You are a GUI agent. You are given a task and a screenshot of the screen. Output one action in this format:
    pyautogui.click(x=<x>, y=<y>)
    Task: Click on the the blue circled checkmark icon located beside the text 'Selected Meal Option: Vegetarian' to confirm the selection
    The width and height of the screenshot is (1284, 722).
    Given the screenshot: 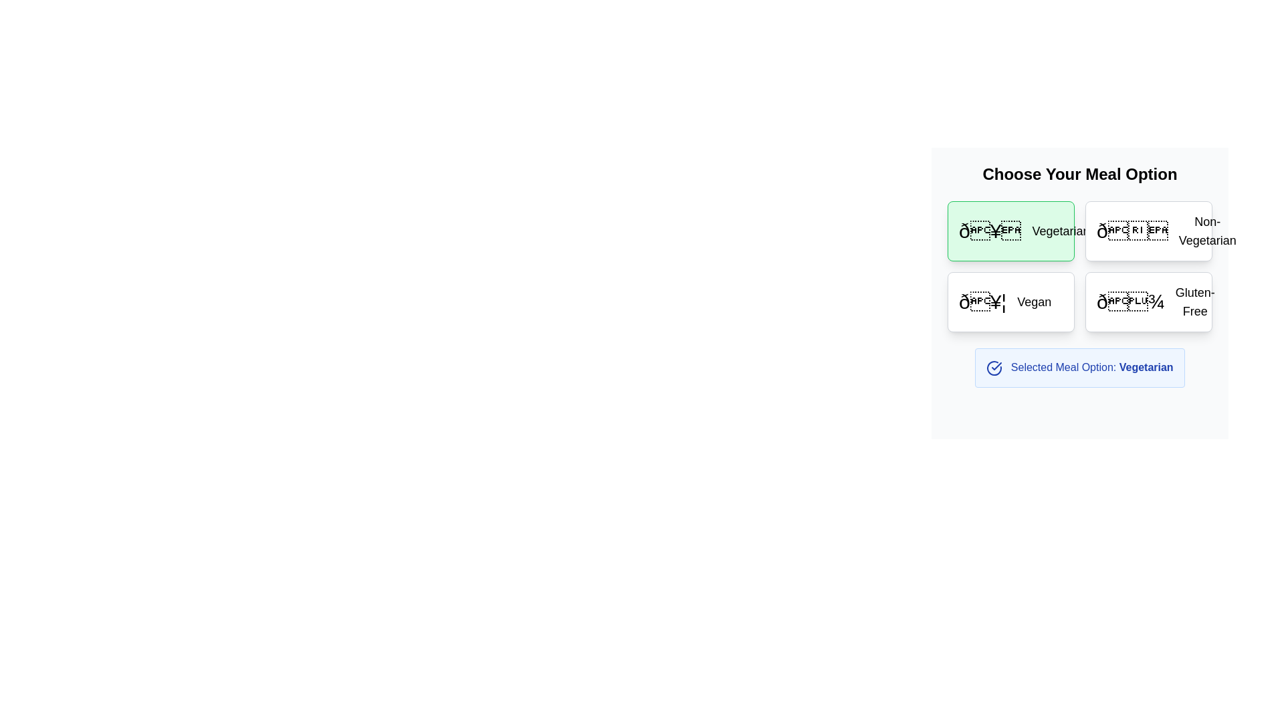 What is the action you would take?
    pyautogui.click(x=994, y=368)
    